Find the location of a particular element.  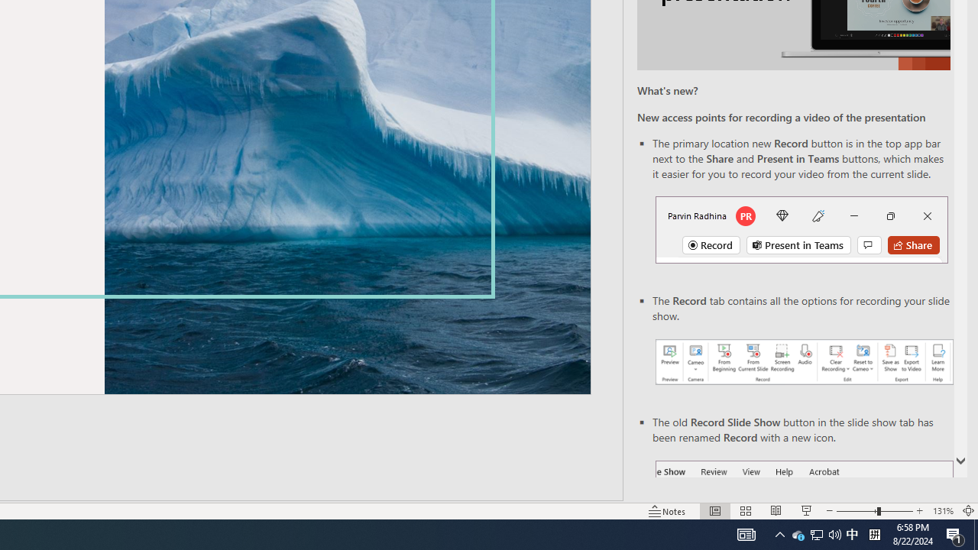

'Zoom 131%' is located at coordinates (942, 511).